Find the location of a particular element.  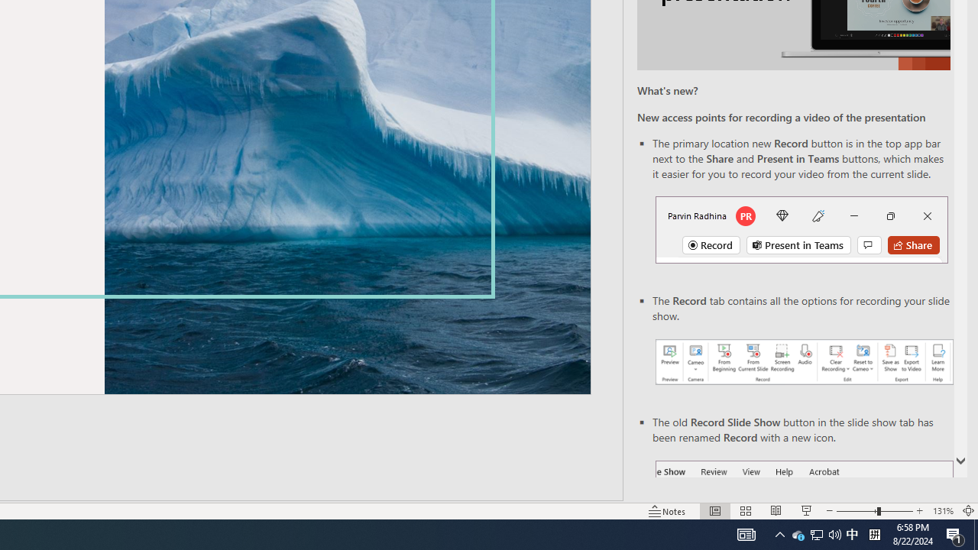

'Zoom 131%' is located at coordinates (942, 511).